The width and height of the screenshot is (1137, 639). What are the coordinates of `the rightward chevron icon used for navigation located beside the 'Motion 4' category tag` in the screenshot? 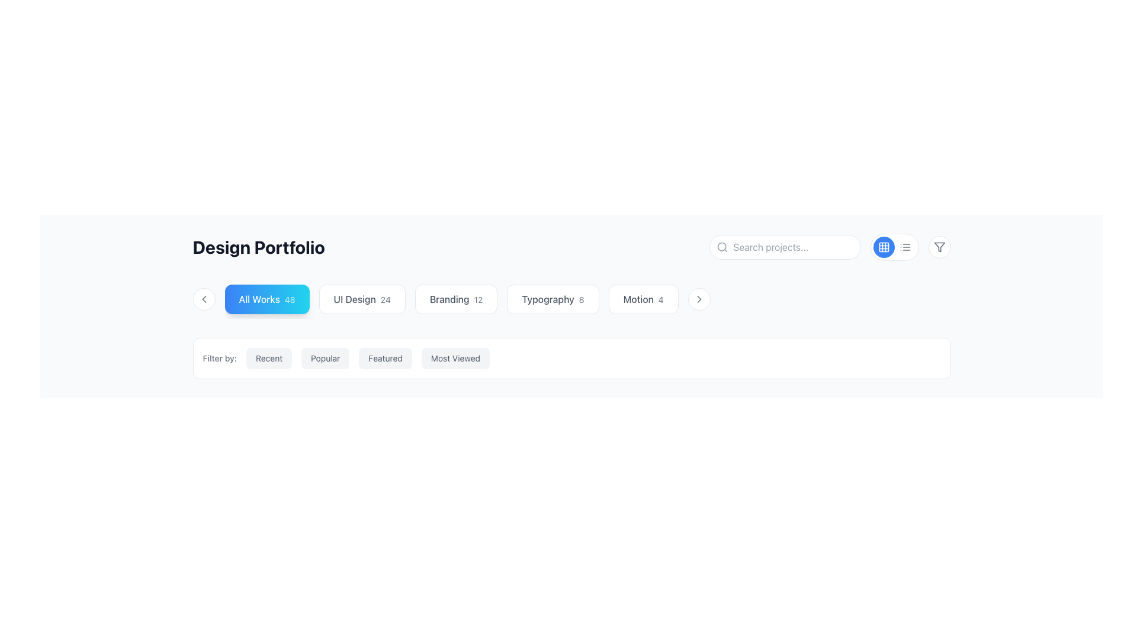 It's located at (699, 298).